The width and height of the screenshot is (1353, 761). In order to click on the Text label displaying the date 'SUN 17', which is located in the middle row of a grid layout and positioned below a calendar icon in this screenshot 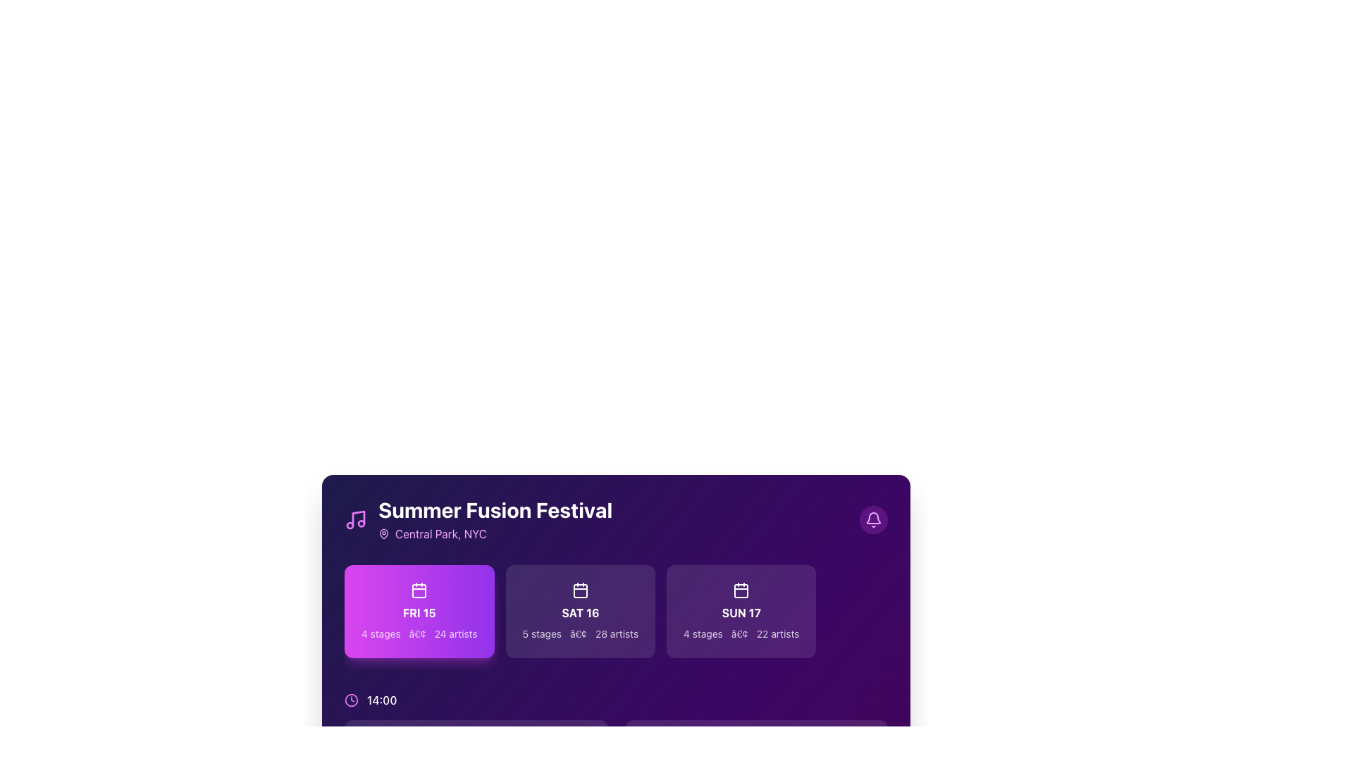, I will do `click(741, 612)`.